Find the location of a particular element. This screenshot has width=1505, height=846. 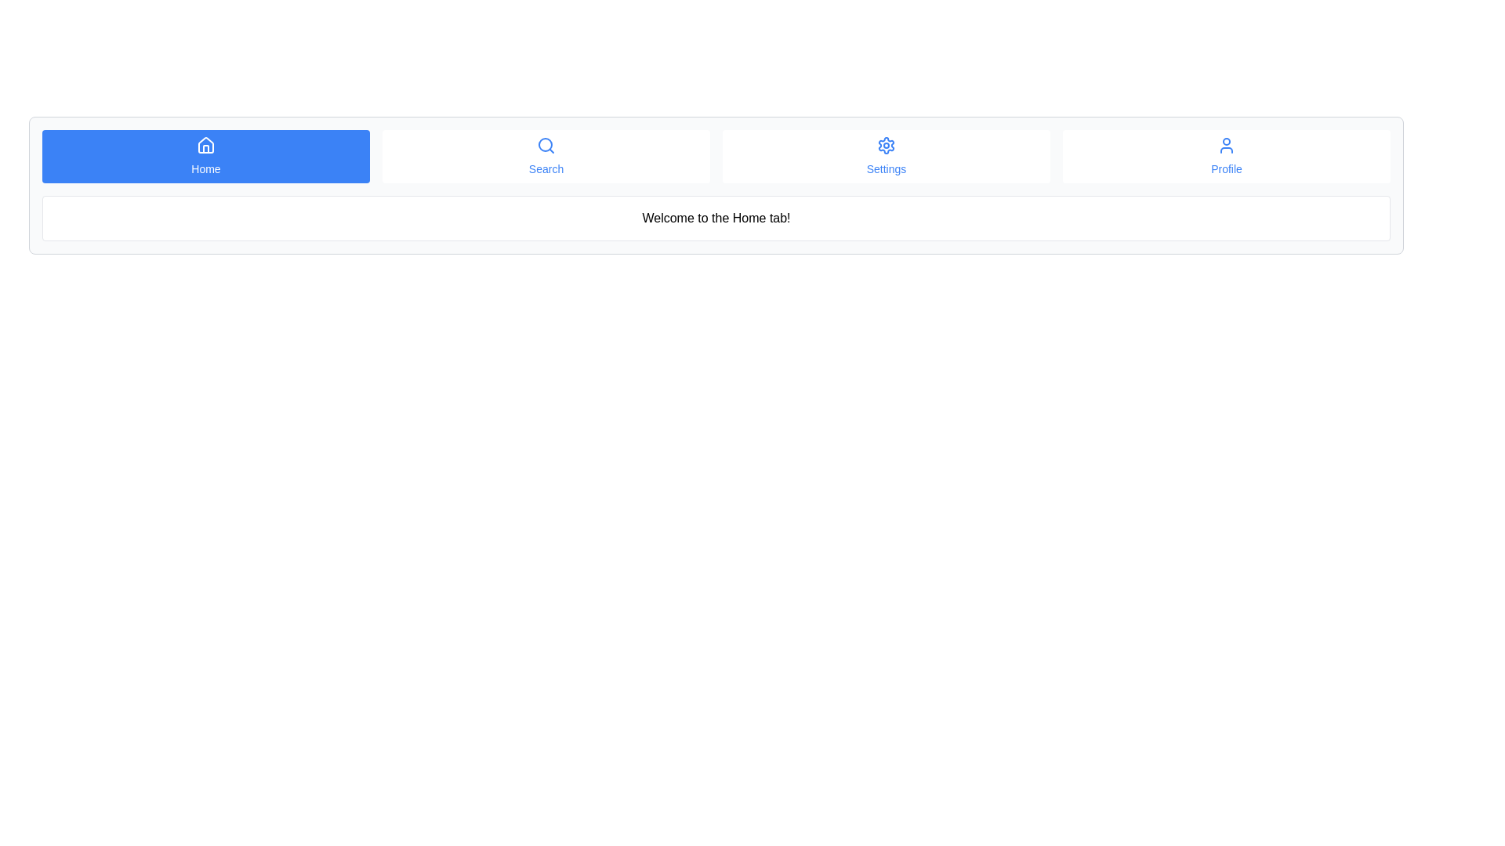

the 'Settings' icon located within the 'Settings' navigation button, which is the third item from the left in the navigation bar is located at coordinates (887, 145).